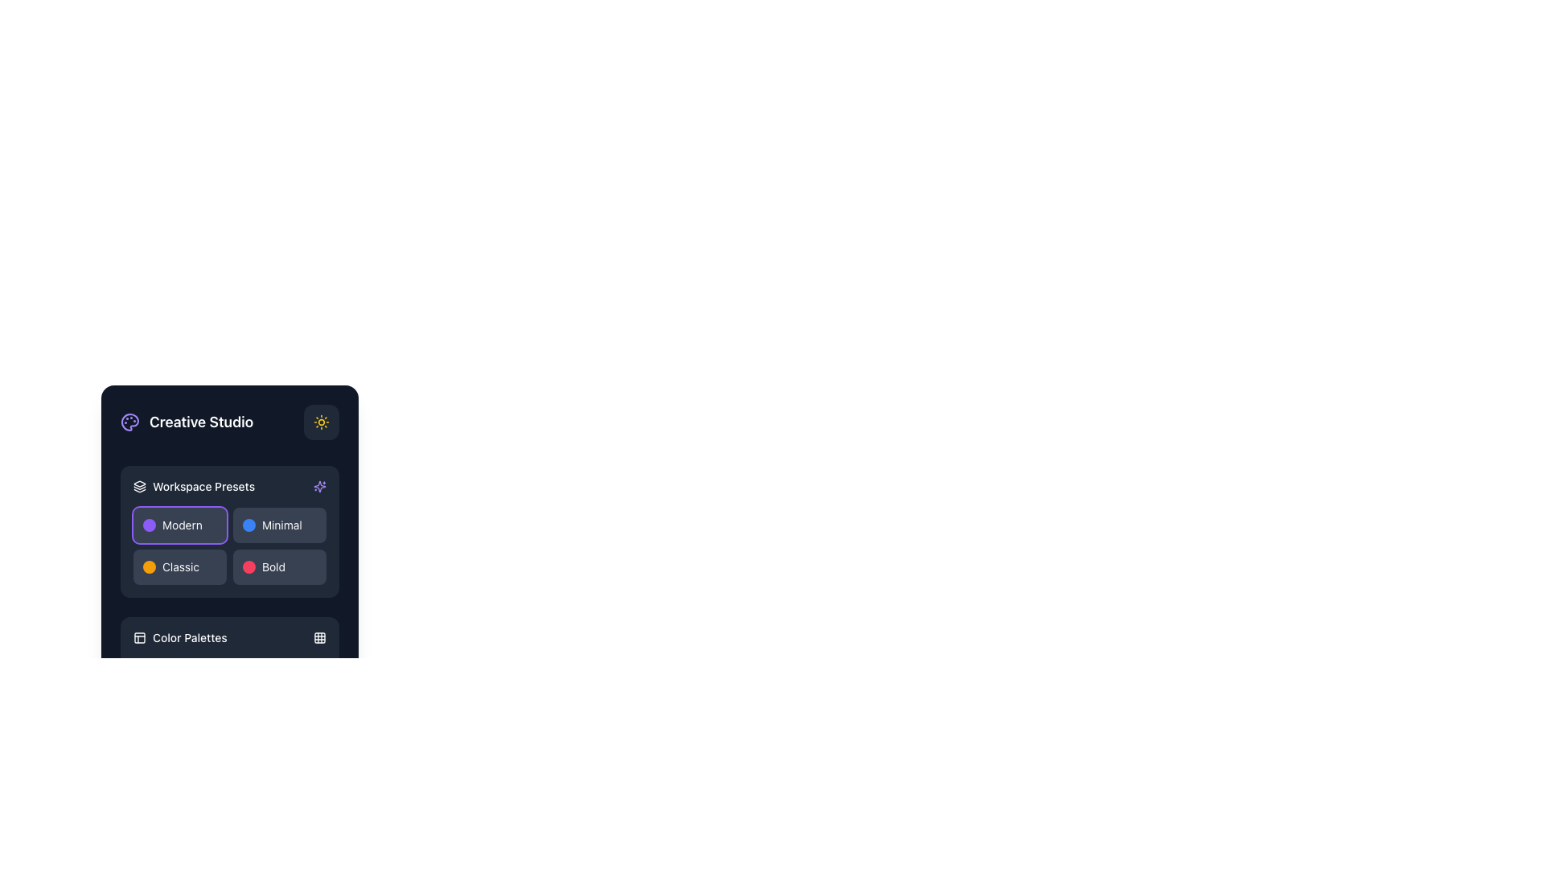 The image size is (1544, 869). Describe the element at coordinates (193, 486) in the screenshot. I see `the 'Workspace Presets' label with the accompanying icon, which is styled in white text on a dark-themed background and located in the header section of the 'Workspace Presets' area` at that location.